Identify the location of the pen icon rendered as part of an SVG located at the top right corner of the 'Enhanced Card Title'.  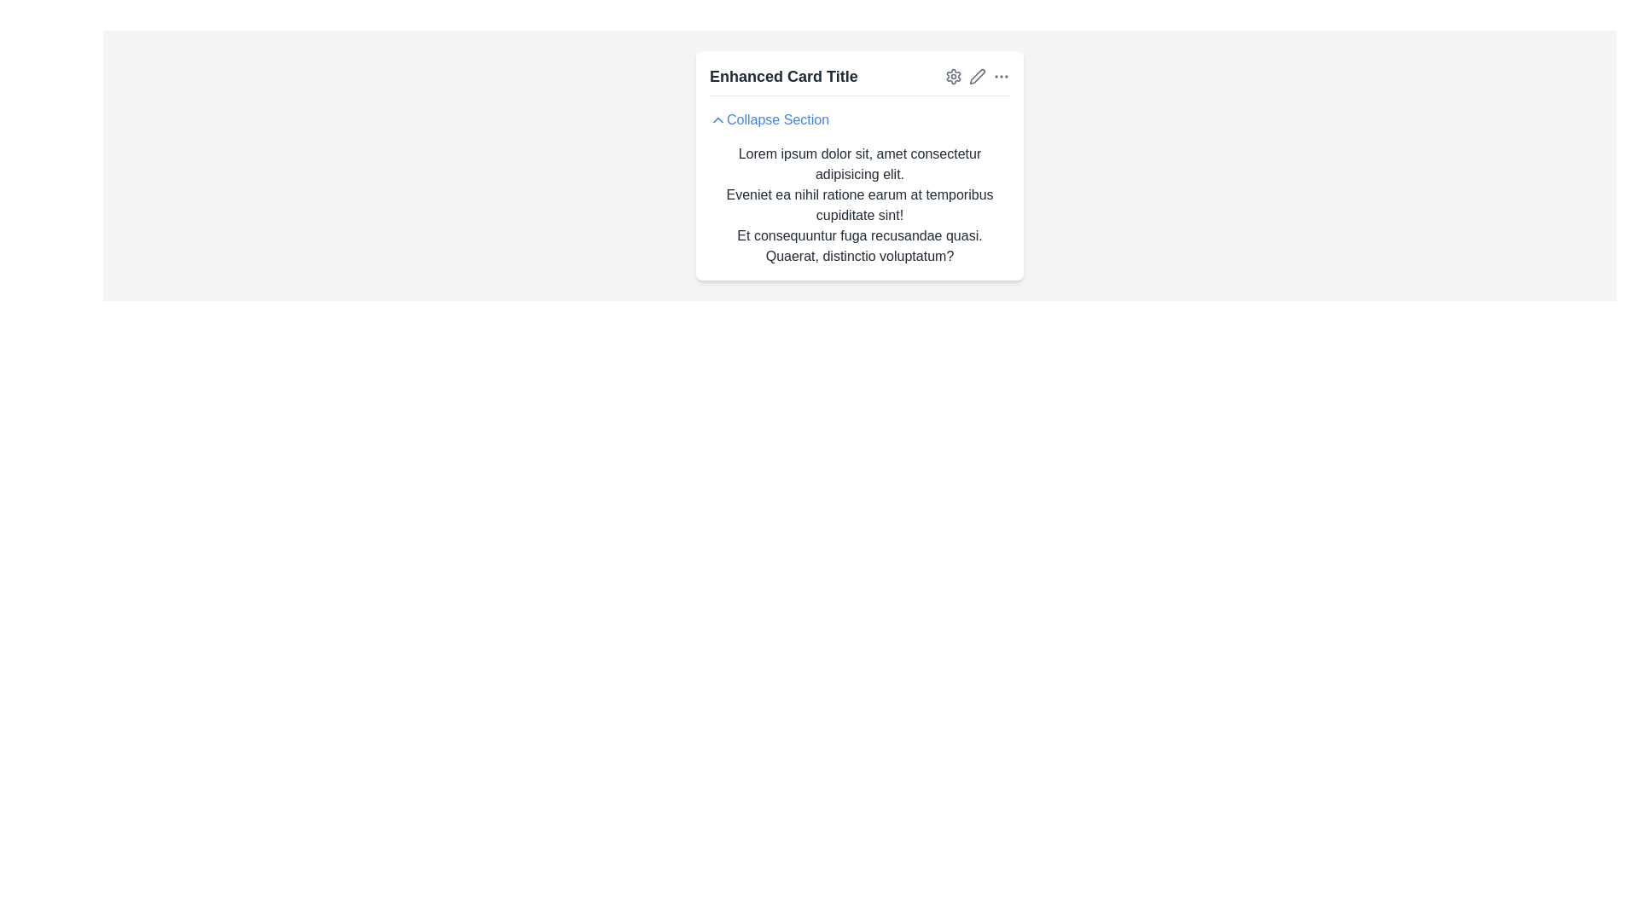
(978, 74).